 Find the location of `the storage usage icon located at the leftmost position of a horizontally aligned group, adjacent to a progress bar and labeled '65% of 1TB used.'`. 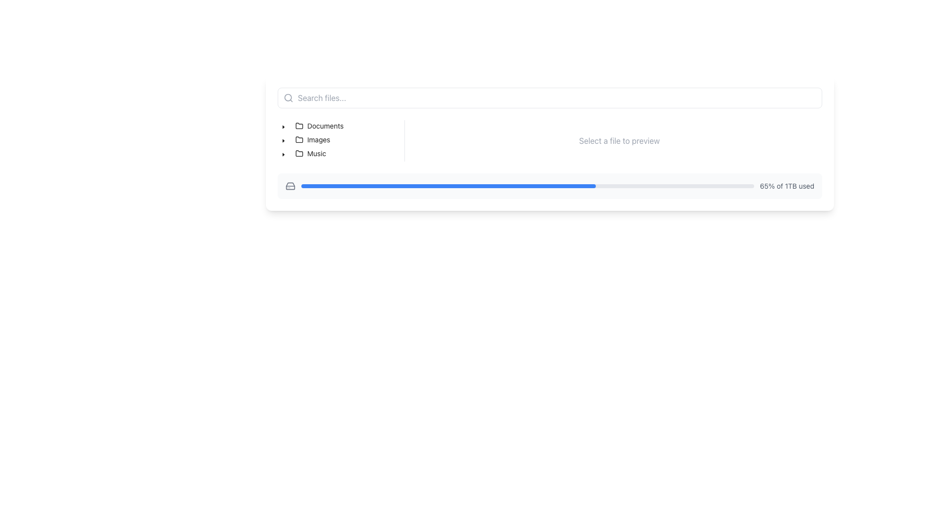

the storage usage icon located at the leftmost position of a horizontally aligned group, adjacent to a progress bar and labeled '65% of 1TB used.' is located at coordinates (290, 186).